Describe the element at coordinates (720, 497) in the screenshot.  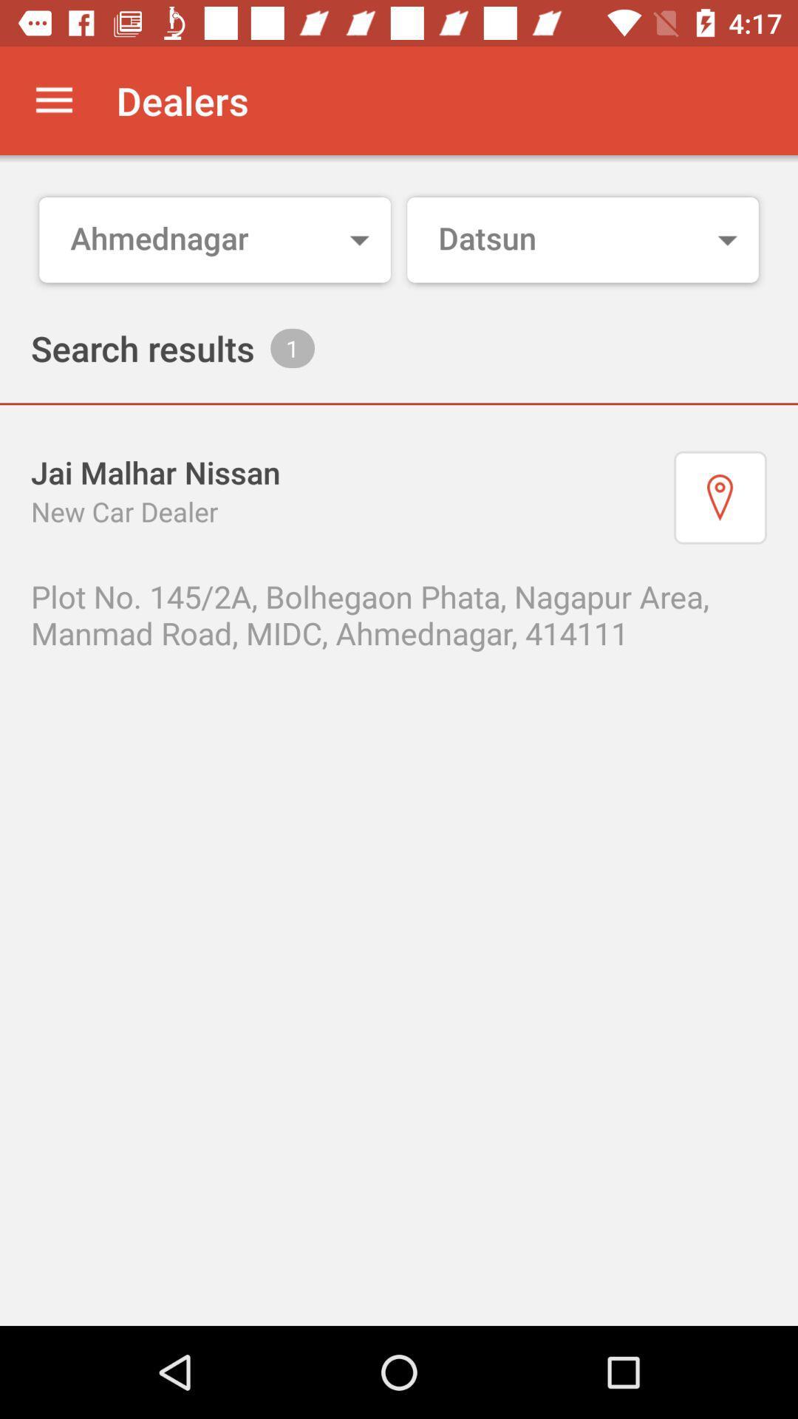
I see `map info` at that location.